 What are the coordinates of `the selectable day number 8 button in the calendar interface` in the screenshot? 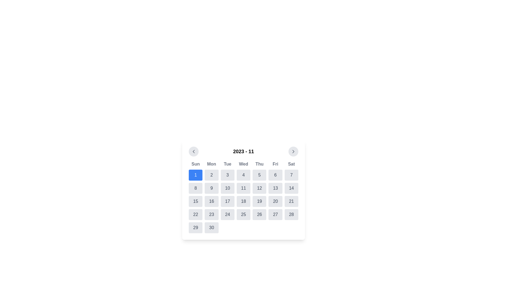 It's located at (196, 188).